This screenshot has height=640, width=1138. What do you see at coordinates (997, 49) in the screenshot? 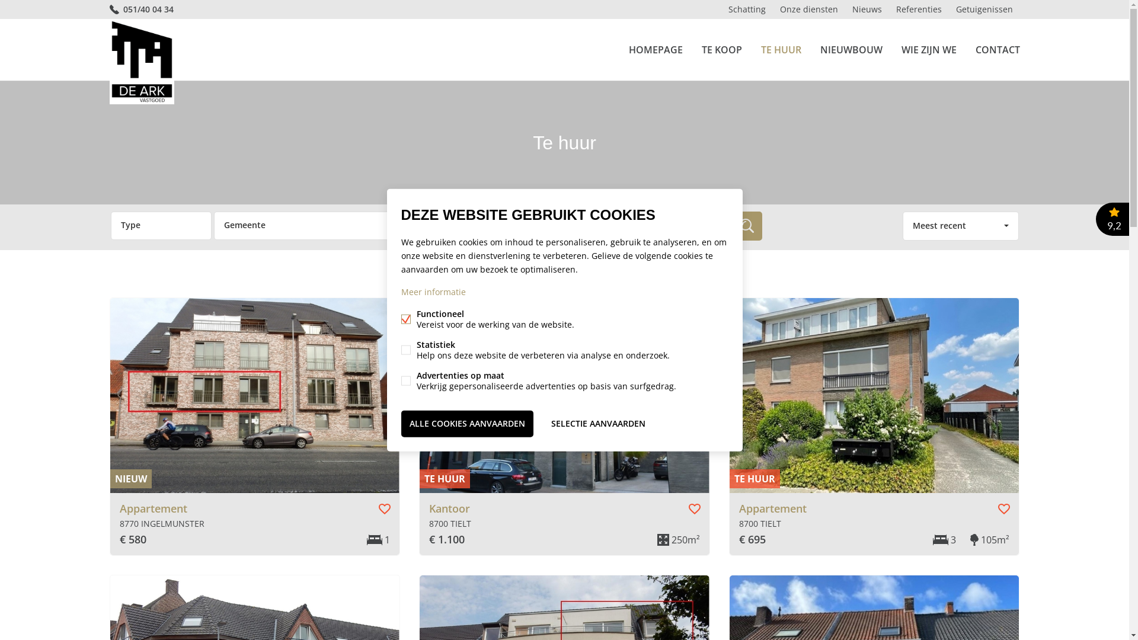
I see `'CONTACT'` at bounding box center [997, 49].